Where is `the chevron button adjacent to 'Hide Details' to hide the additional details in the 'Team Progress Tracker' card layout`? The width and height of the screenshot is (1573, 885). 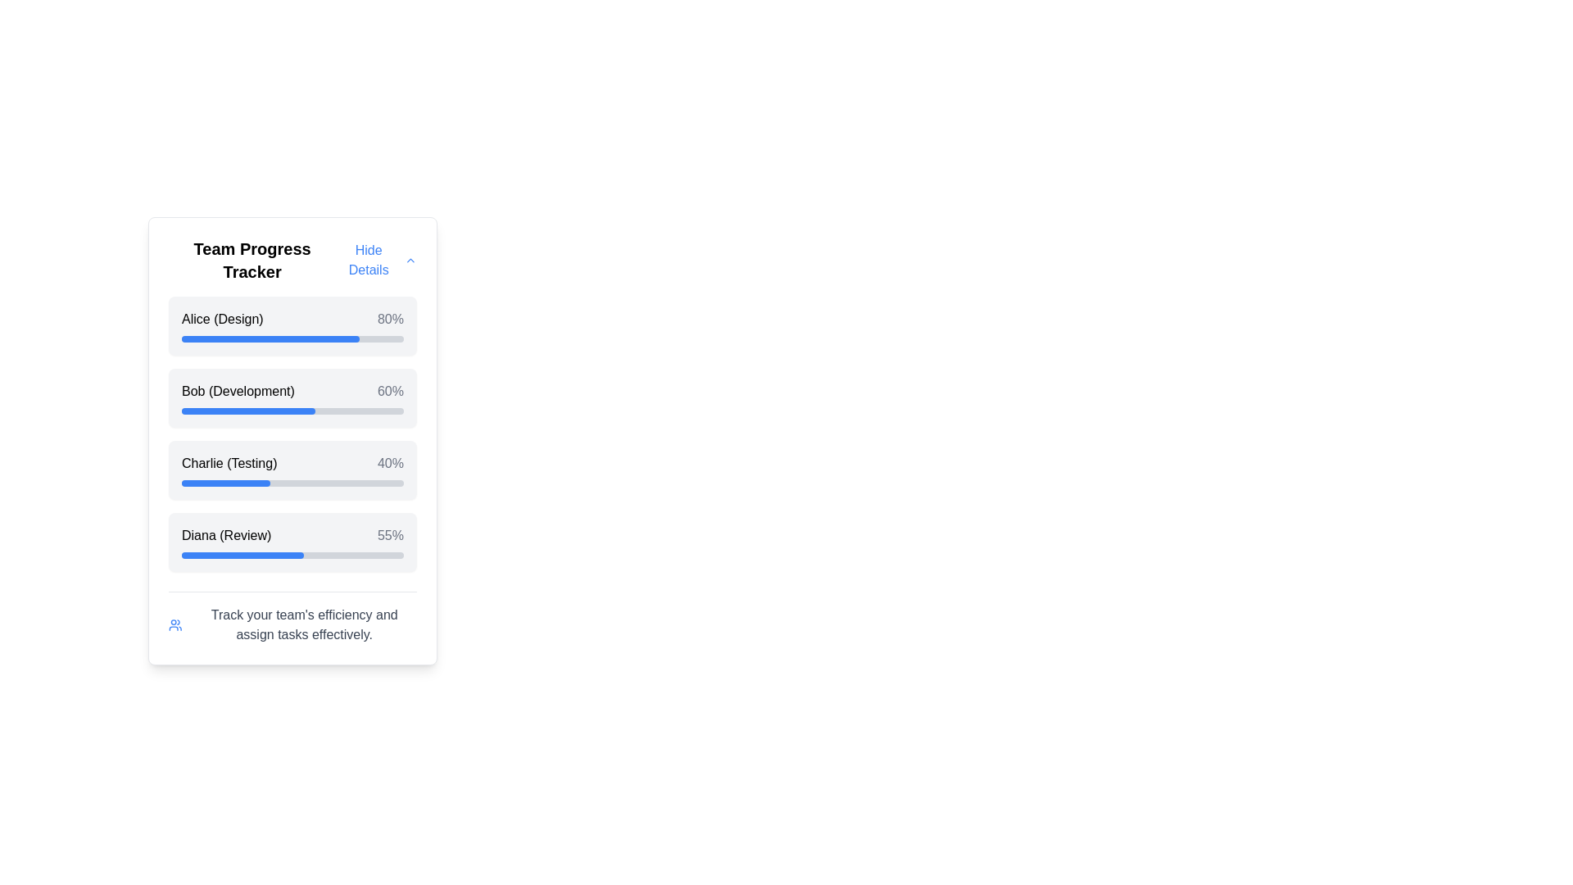
the chevron button adjacent to 'Hide Details' to hide the additional details in the 'Team Progress Tracker' card layout is located at coordinates (410, 259).